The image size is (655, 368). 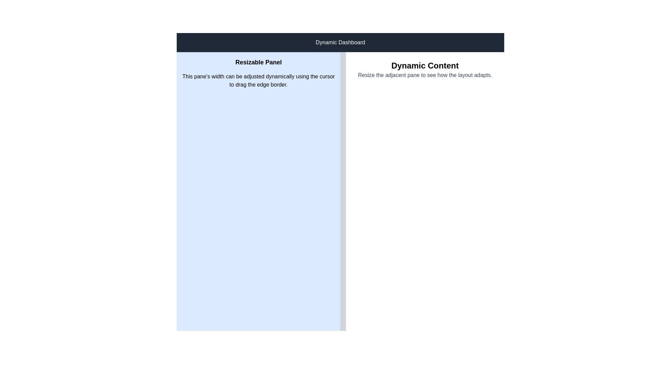 I want to click on the Text Heading that serves as a label for the adjacent resizable panel, positioned at the top of the light blue panel, so click(x=258, y=62).